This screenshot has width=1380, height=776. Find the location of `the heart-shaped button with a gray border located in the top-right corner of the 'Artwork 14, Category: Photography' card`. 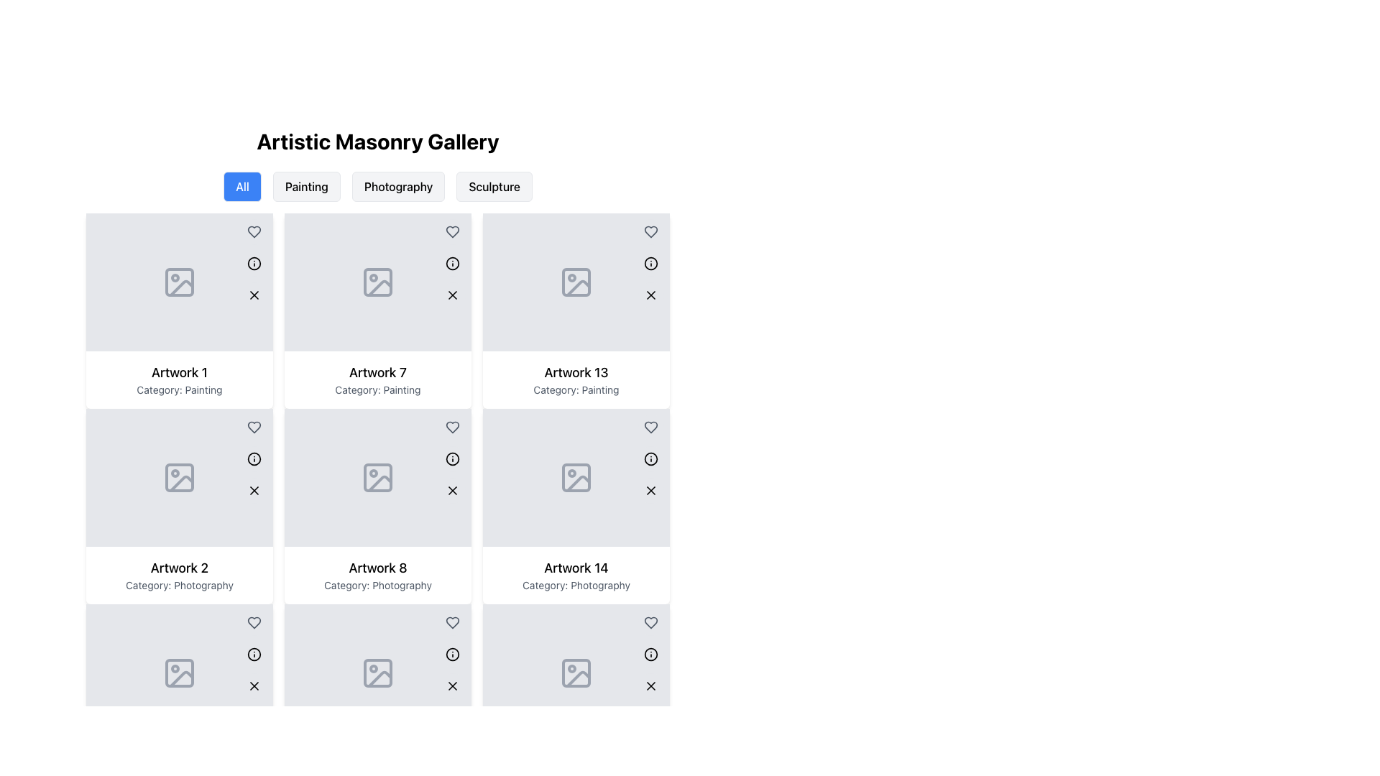

the heart-shaped button with a gray border located in the top-right corner of the 'Artwork 14, Category: Photography' card is located at coordinates (650, 622).